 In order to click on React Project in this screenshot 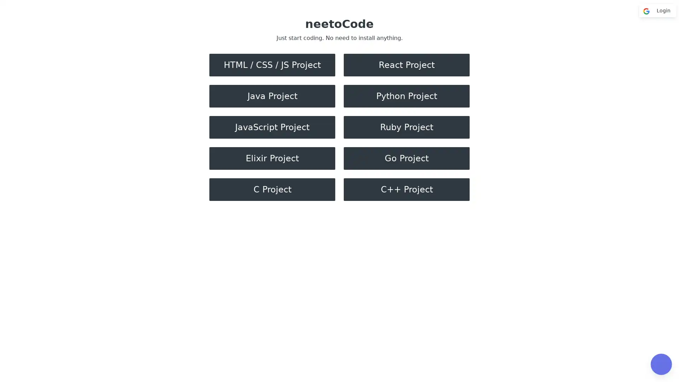, I will do `click(407, 65)`.